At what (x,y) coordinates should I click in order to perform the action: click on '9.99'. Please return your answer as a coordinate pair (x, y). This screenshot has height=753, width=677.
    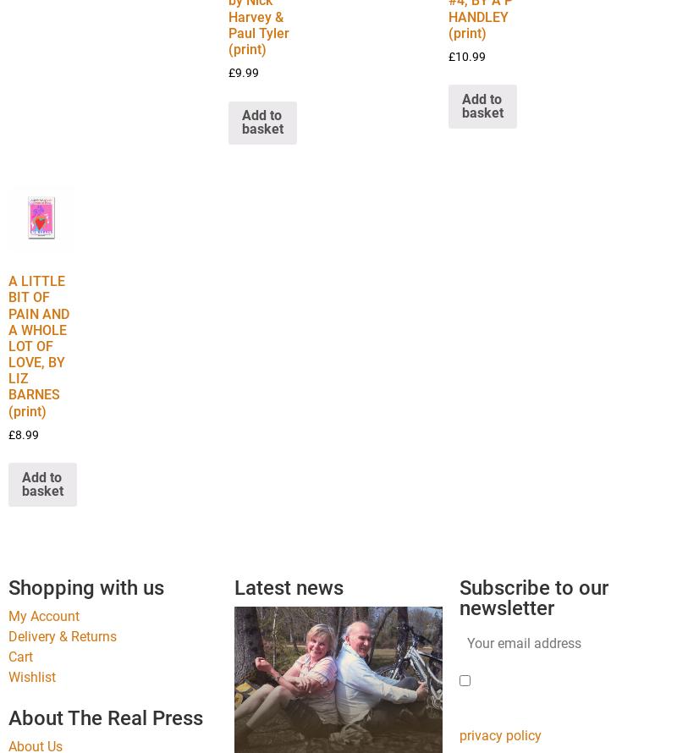
    Looking at the image, I should click on (235, 71).